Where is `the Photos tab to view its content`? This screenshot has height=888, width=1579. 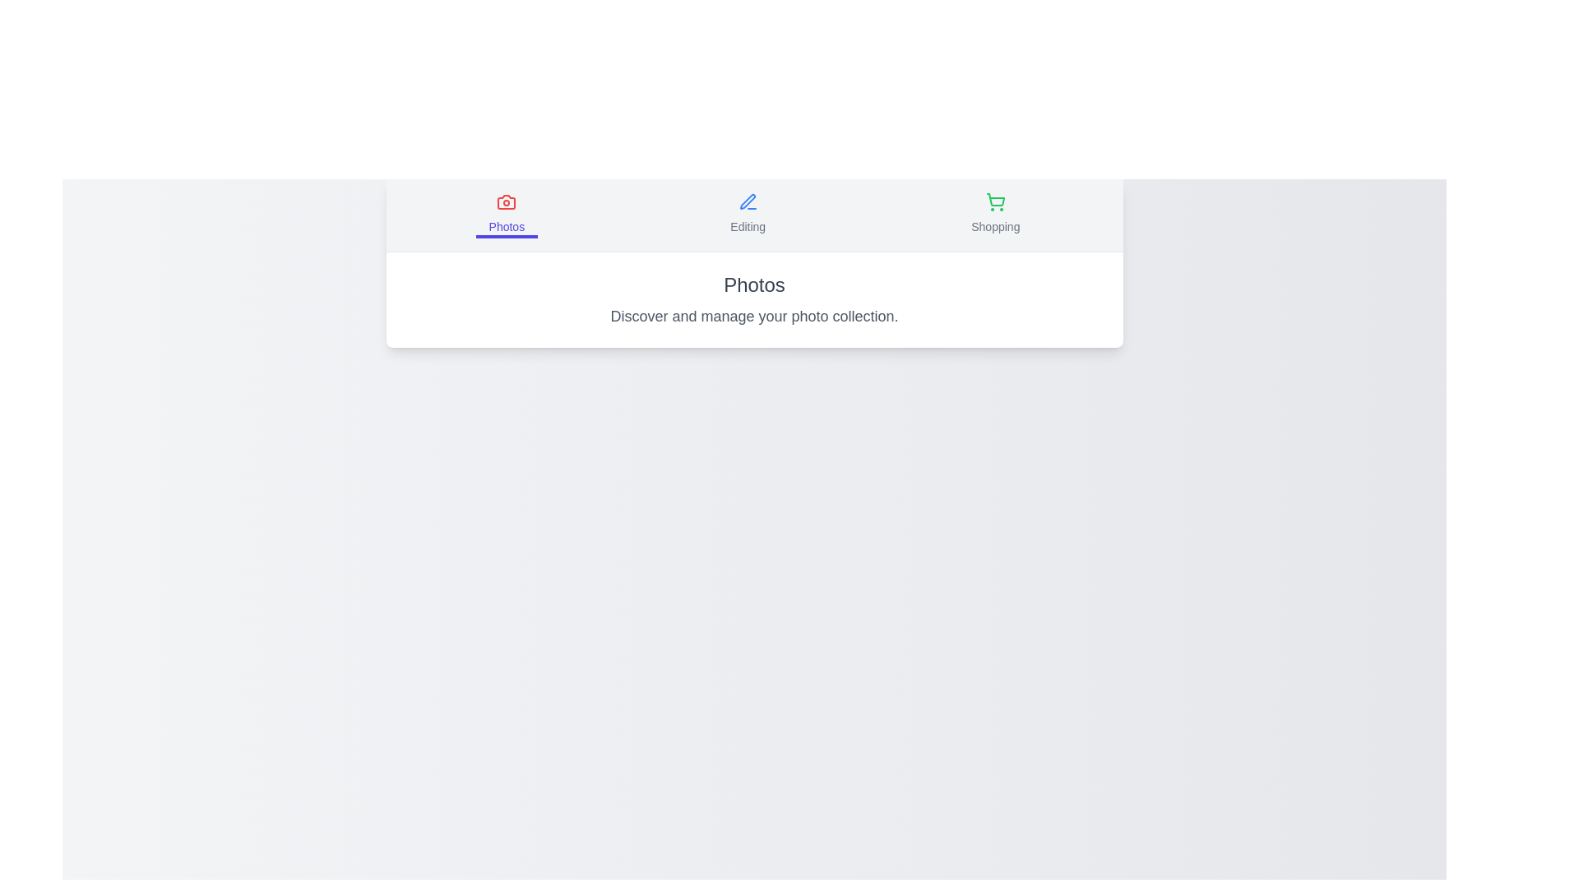 the Photos tab to view its content is located at coordinates (505, 215).